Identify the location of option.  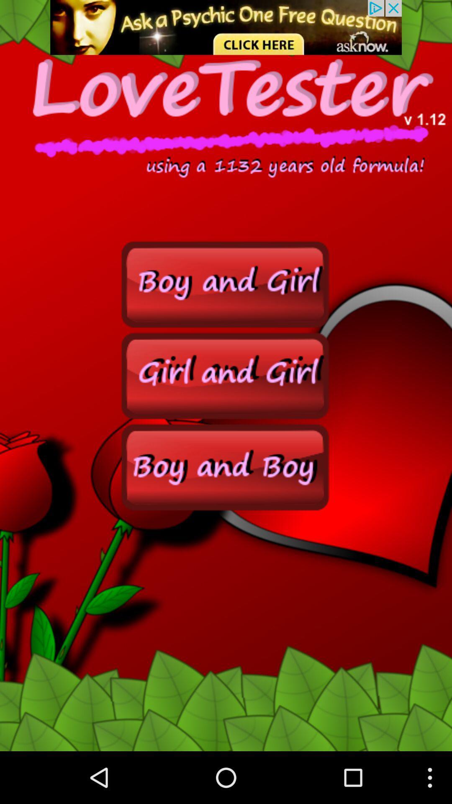
(226, 375).